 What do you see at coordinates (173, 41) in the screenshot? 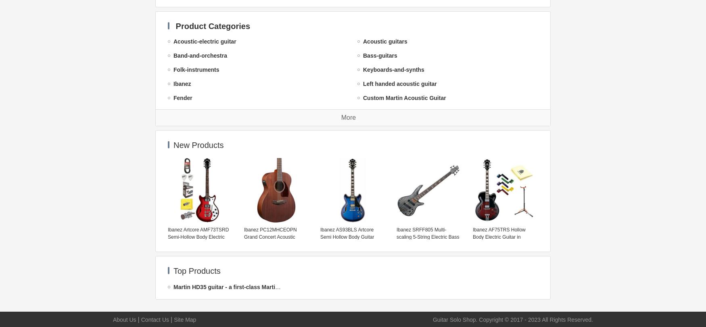
I see `'Acoustic-electric guitar'` at bounding box center [173, 41].